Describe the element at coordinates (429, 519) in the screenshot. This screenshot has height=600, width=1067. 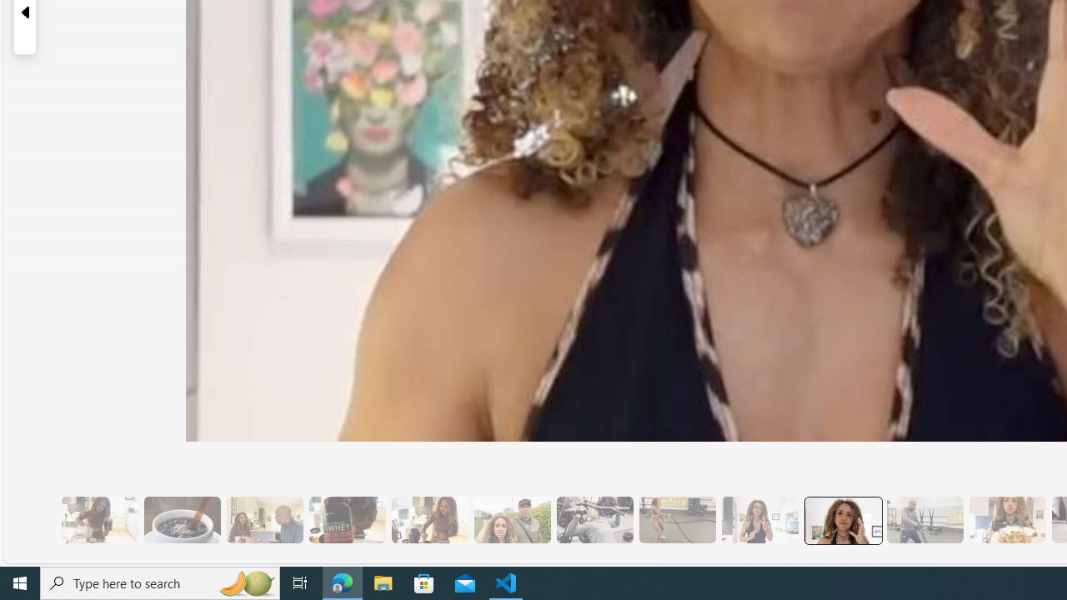
I see `'7 They Don'` at that location.